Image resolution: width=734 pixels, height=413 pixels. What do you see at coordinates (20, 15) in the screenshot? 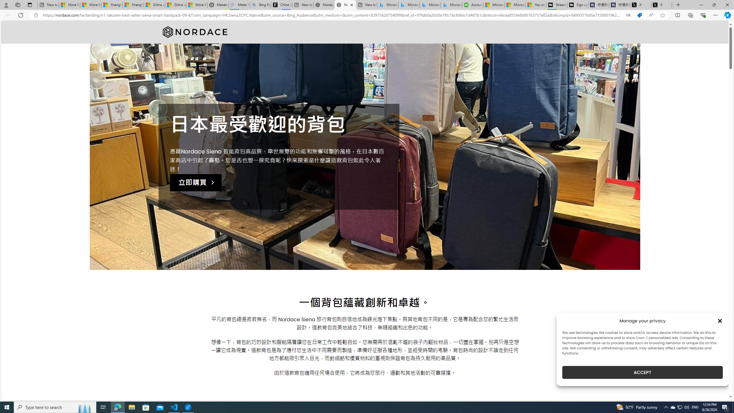
I see `'Refresh'` at bounding box center [20, 15].